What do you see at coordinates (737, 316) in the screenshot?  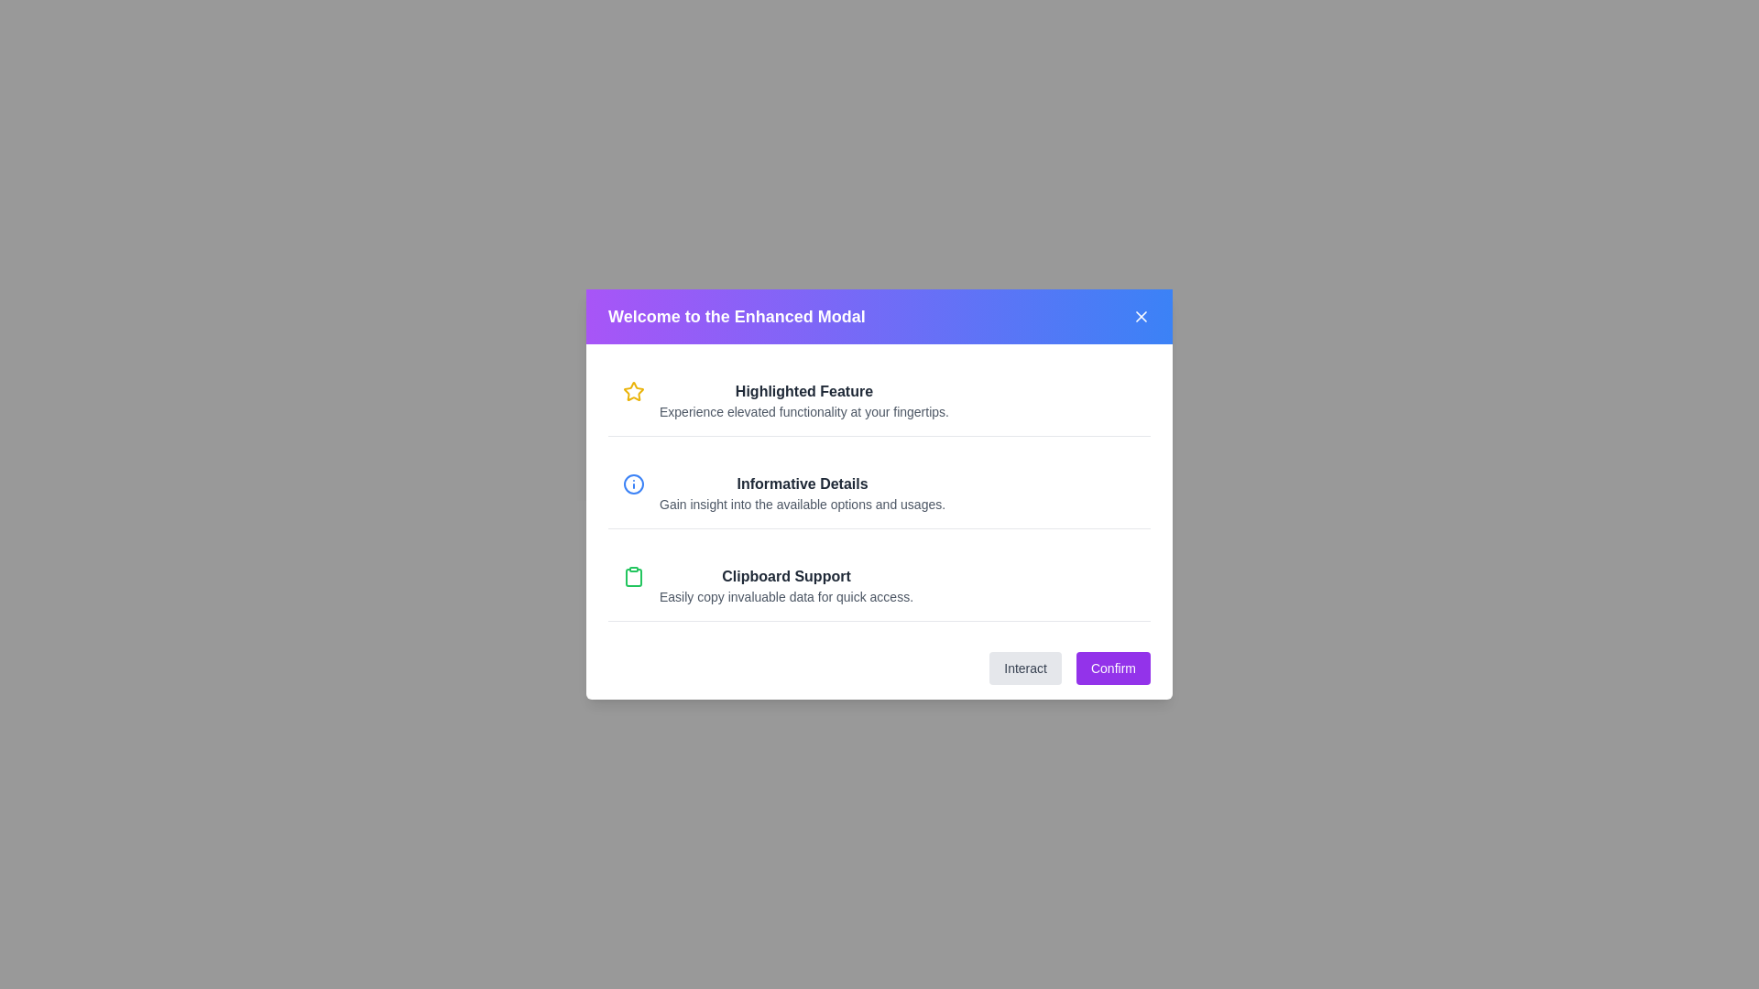 I see `the static text label that serves as the title of the modal dialog, positioned at the top center of the modal window, left of the close button` at bounding box center [737, 316].